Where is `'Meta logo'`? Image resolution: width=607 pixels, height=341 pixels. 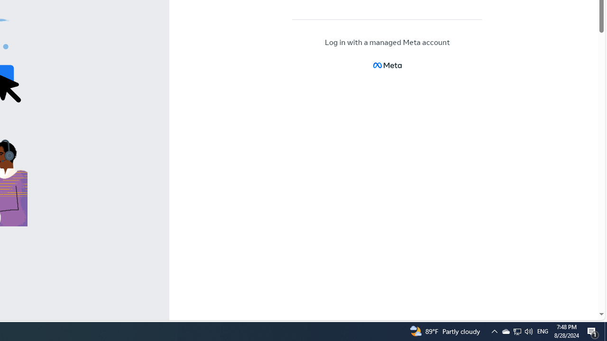 'Meta logo' is located at coordinates (387, 65).